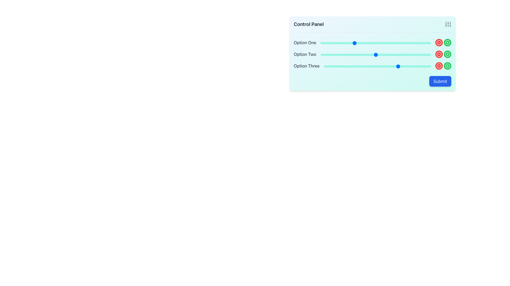  I want to click on the slider value, so click(387, 66).